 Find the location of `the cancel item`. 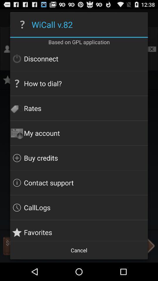

the cancel item is located at coordinates (79, 250).